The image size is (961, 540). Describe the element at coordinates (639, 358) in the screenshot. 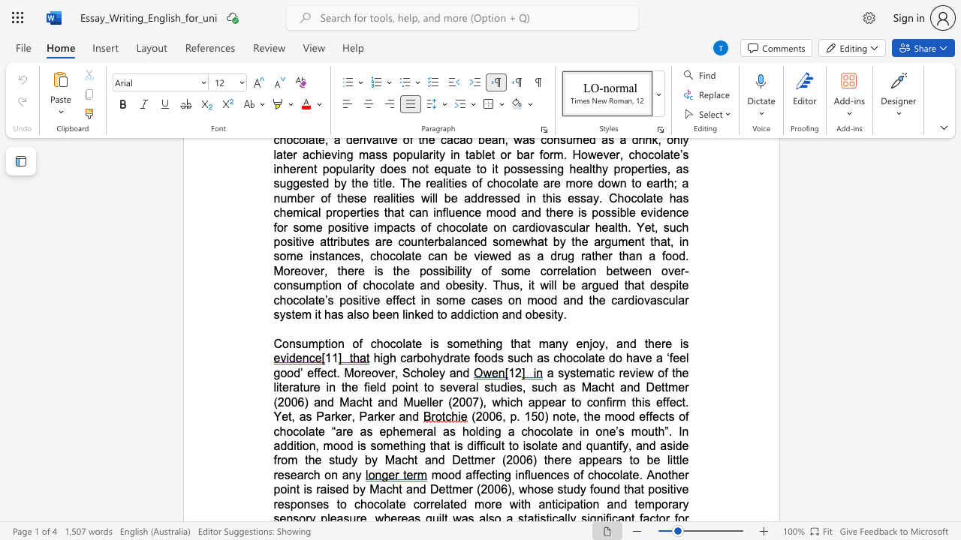

I see `the space between the continuous character "a" and "v" in the text` at that location.